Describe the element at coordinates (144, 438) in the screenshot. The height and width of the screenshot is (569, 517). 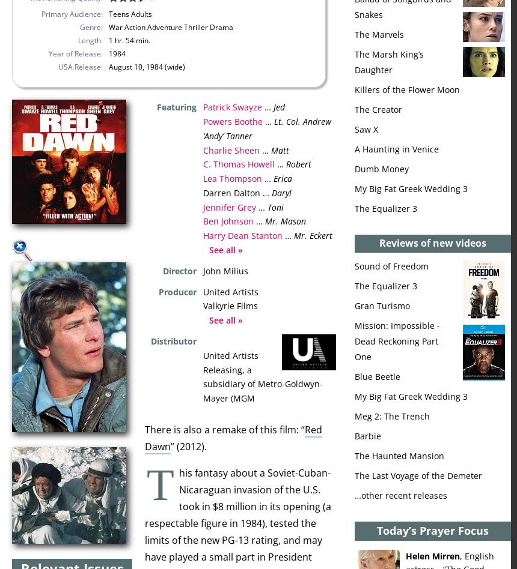
I see `'Red Dawn'` at that location.